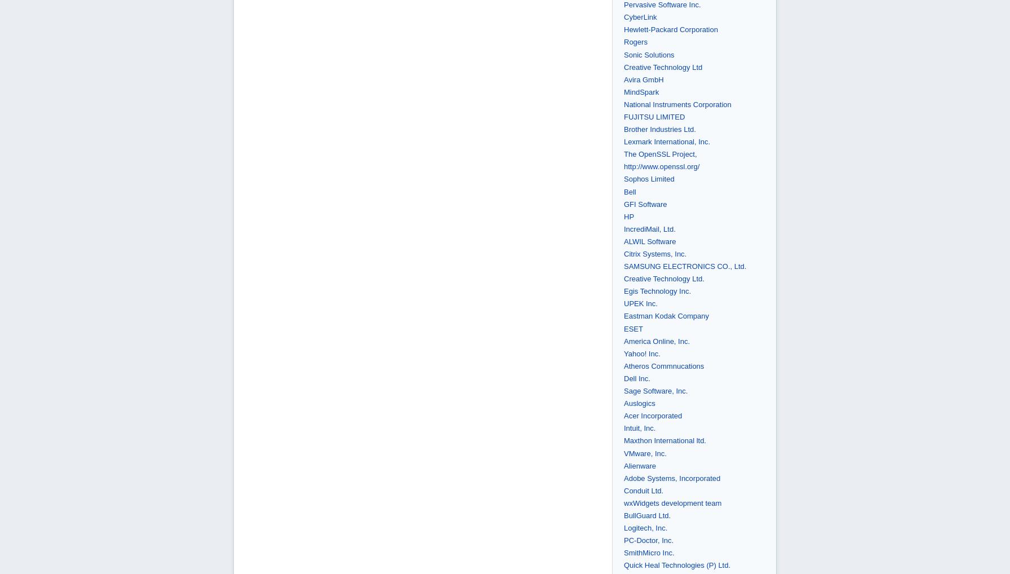 The image size is (1010, 574). I want to click on 'BullGuard Ltd.', so click(647, 515).